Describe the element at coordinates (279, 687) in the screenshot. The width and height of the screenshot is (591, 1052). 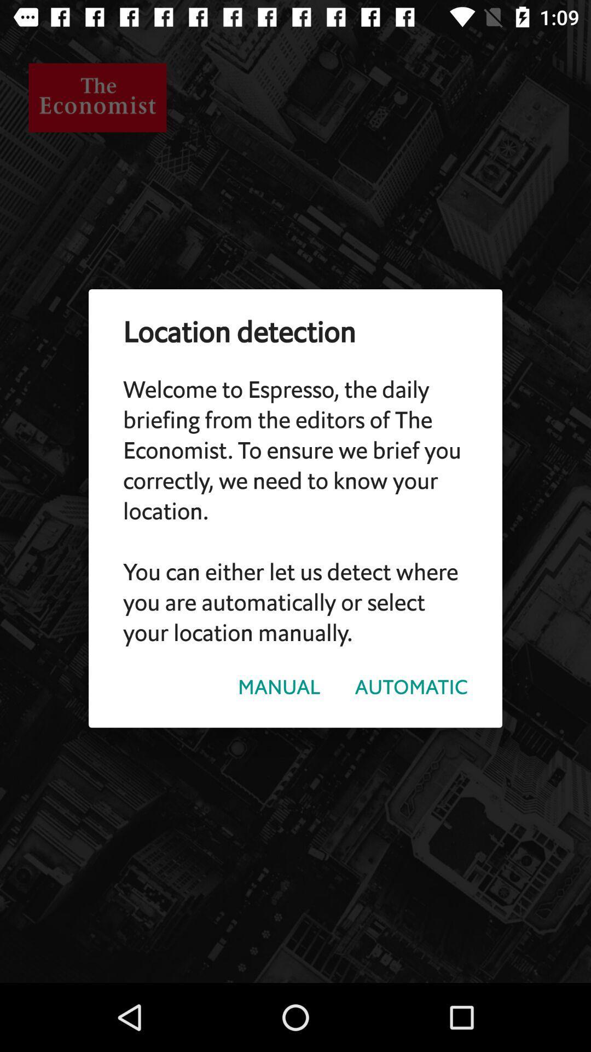
I see `the item below welcome to espresso` at that location.